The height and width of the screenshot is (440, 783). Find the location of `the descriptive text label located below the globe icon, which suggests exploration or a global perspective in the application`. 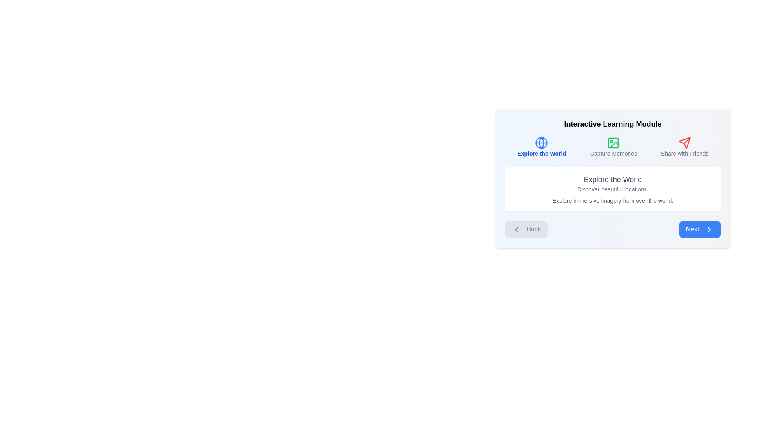

the descriptive text label located below the globe icon, which suggests exploration or a global perspective in the application is located at coordinates (542, 154).